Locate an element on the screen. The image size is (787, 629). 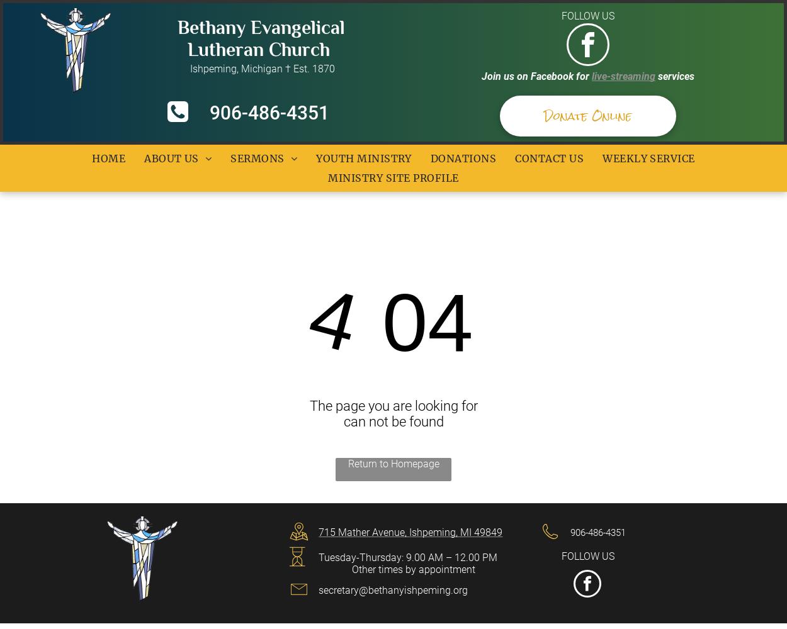
'DONATIONS' is located at coordinates (430, 159).